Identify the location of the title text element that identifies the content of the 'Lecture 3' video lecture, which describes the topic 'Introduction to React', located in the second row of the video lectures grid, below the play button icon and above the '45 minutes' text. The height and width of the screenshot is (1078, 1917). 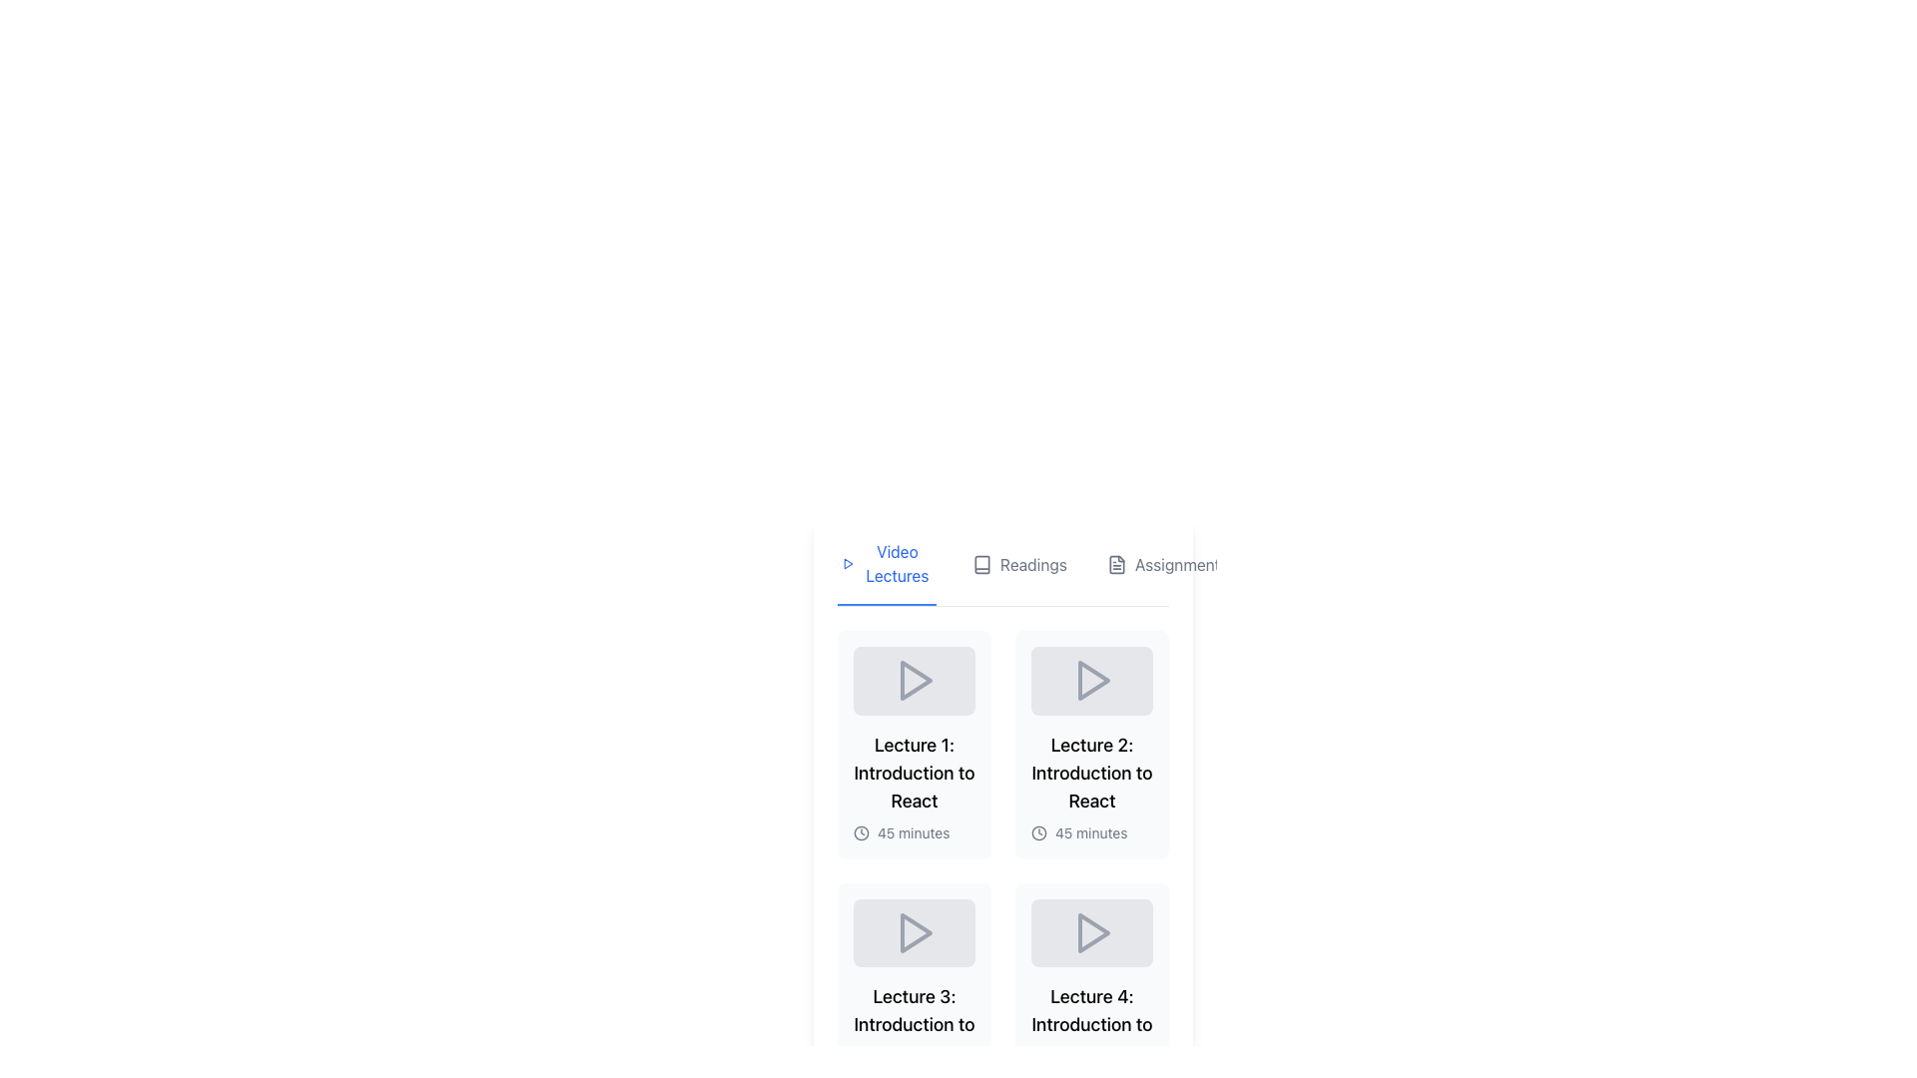
(914, 1024).